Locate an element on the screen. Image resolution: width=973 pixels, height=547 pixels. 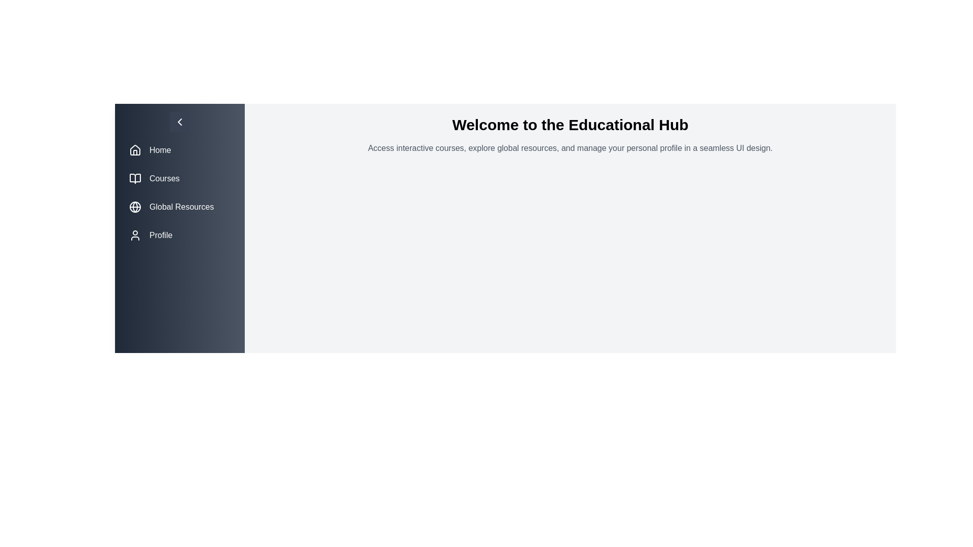
the navigation item labeled Profile is located at coordinates (180, 236).